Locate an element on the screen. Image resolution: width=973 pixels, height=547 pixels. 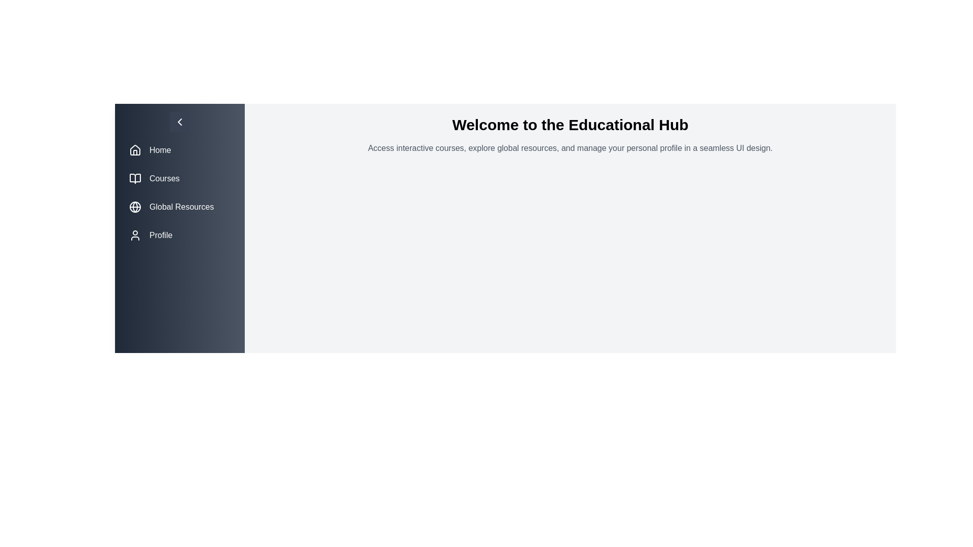
the navigation item labeled Profile is located at coordinates (180, 236).